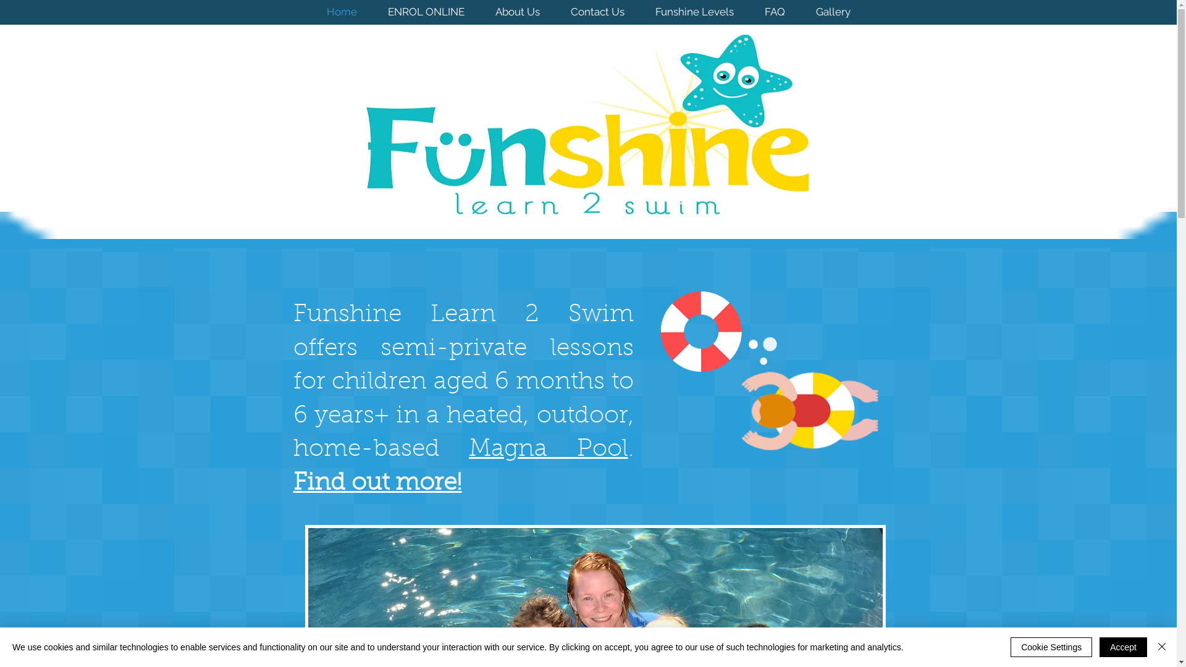 The width and height of the screenshot is (1186, 667). Describe the element at coordinates (342, 10) in the screenshot. I see `'Home'` at that location.